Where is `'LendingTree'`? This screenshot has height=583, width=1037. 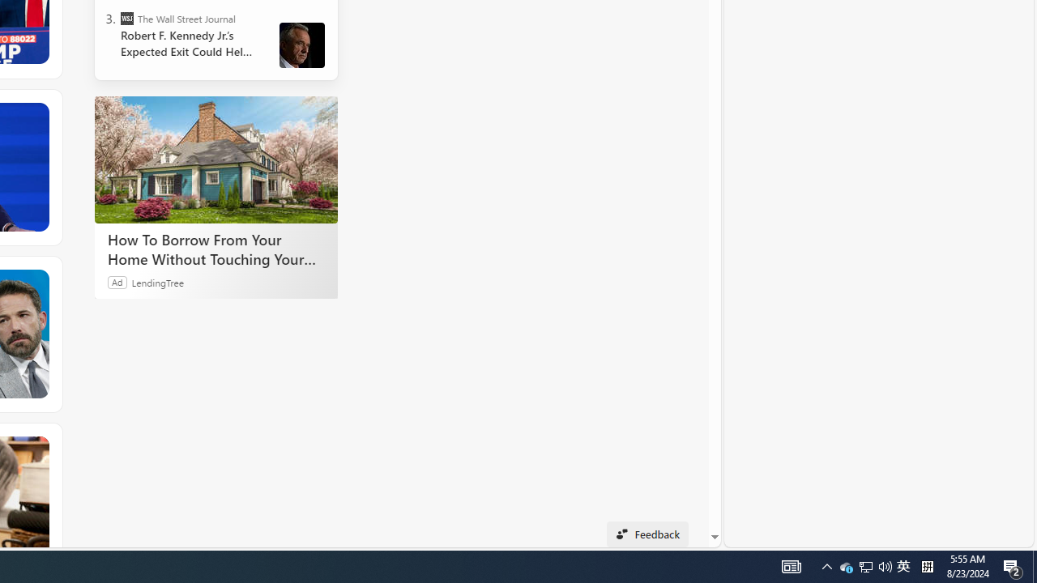 'LendingTree' is located at coordinates (158, 281).